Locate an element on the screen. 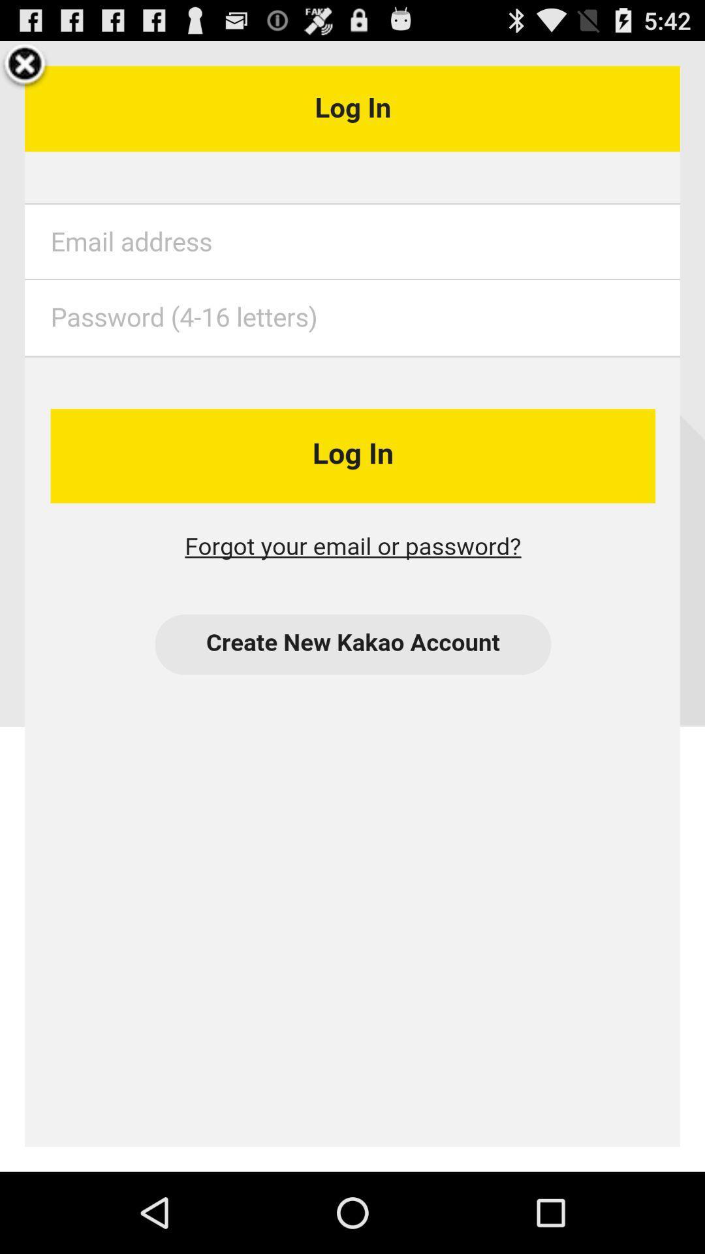 This screenshot has width=705, height=1254. close is located at coordinates (25, 65).